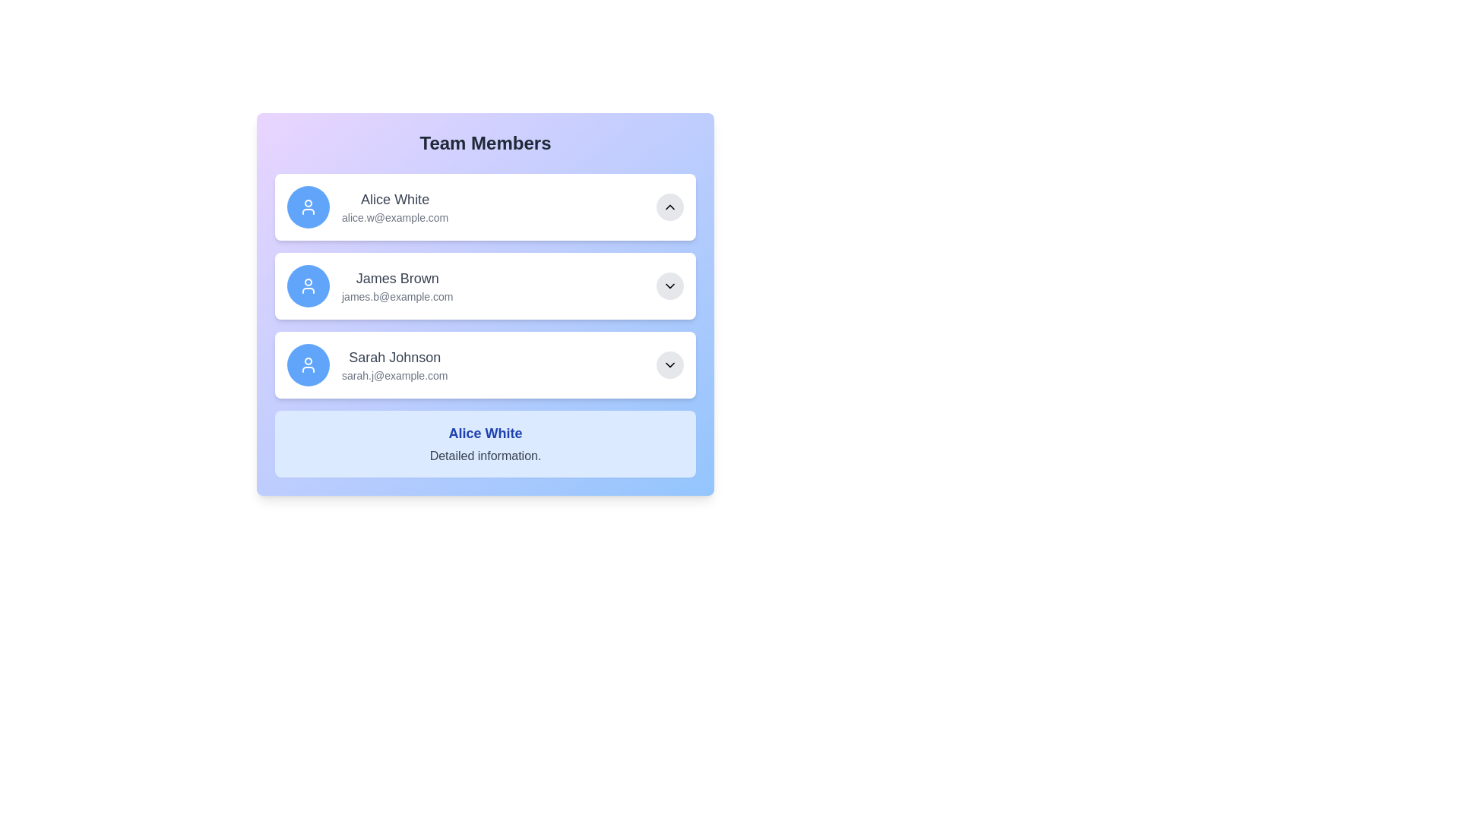 The image size is (1459, 820). Describe the element at coordinates (484, 324) in the screenshot. I see `the second card in a vertical list of team member summaries` at that location.